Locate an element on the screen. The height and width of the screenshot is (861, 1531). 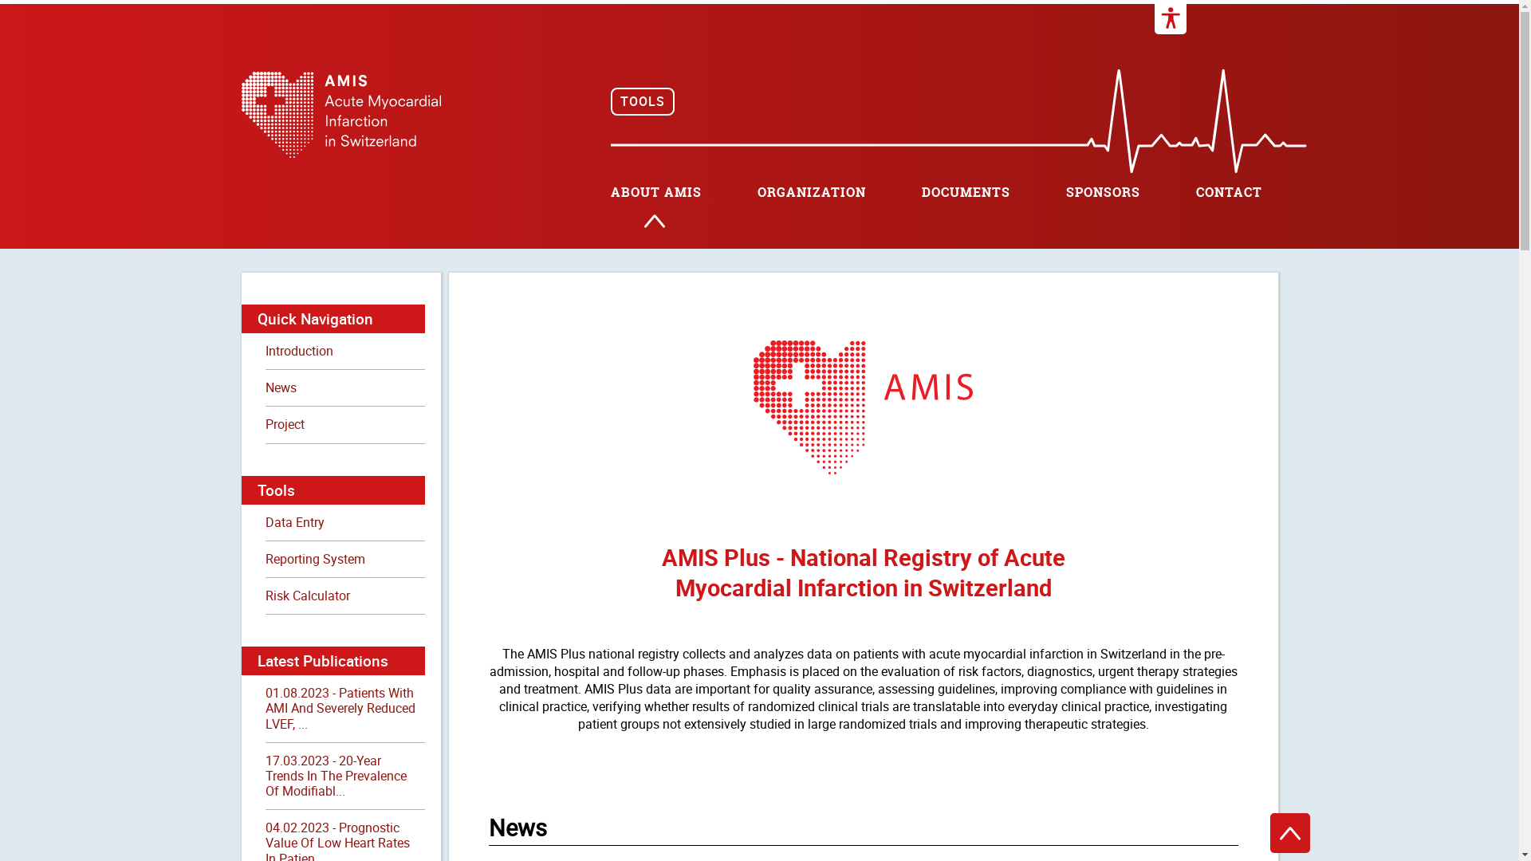
'Data Entry' is located at coordinates (344, 522).